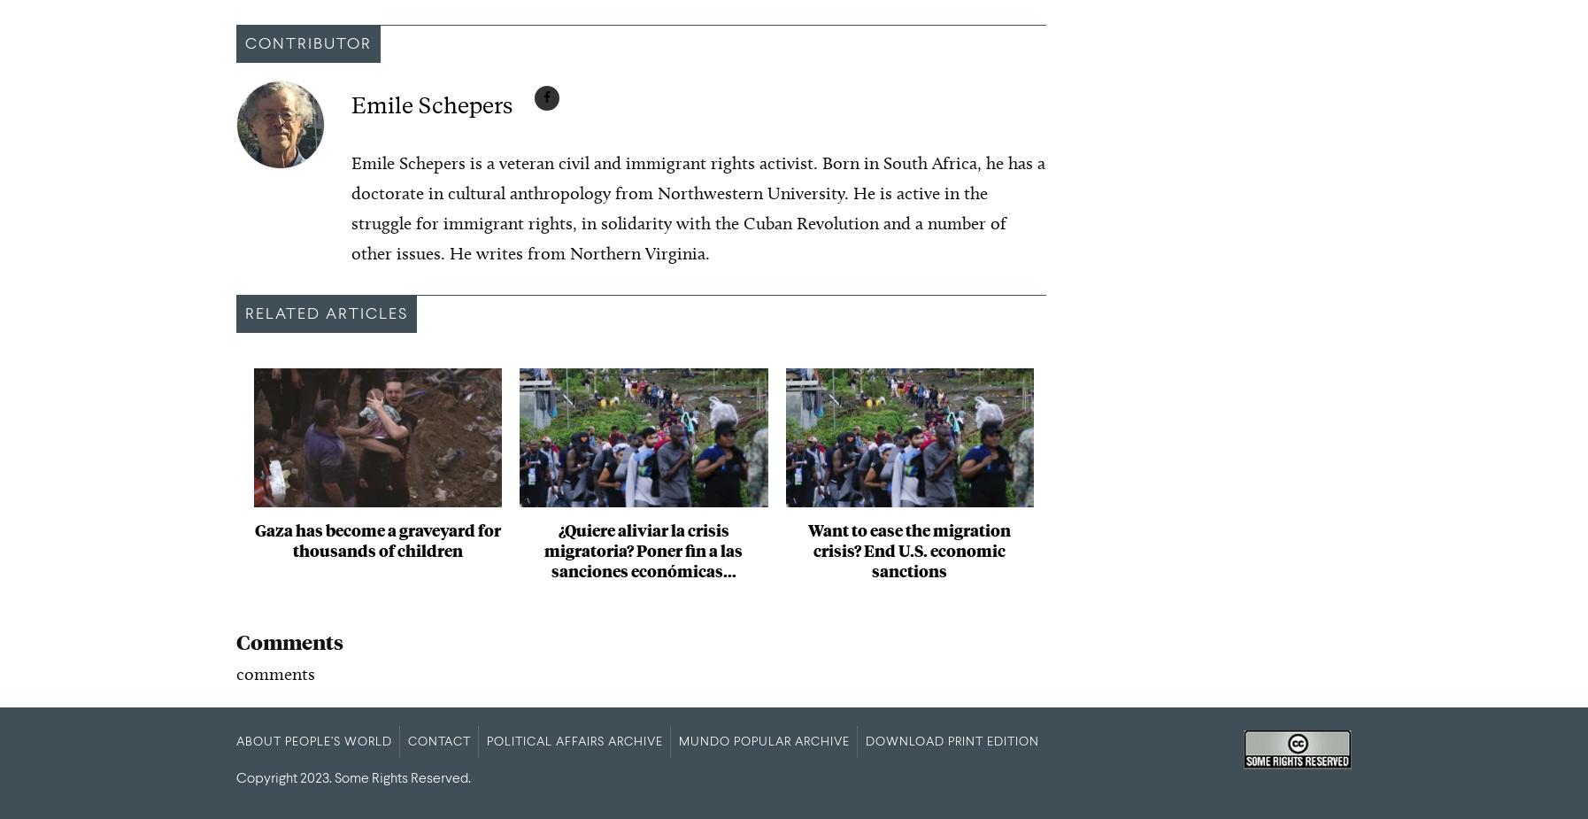 The height and width of the screenshot is (819, 1588). Describe the element at coordinates (431, 104) in the screenshot. I see `'Emile Schepers'` at that location.